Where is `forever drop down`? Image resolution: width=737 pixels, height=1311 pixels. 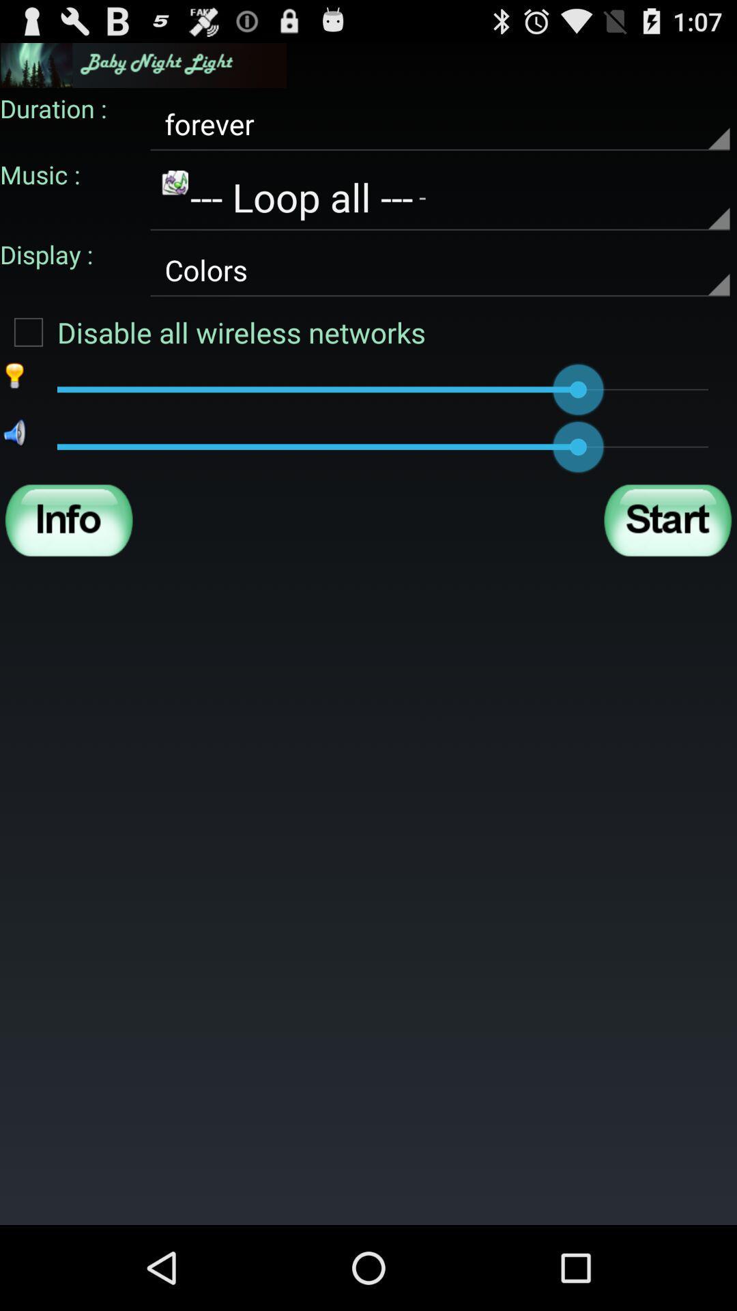
forever drop down is located at coordinates (439, 124).